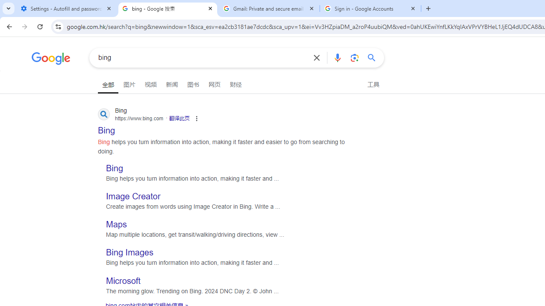 The height and width of the screenshot is (306, 545). I want to click on 'Bing Images', so click(129, 252).